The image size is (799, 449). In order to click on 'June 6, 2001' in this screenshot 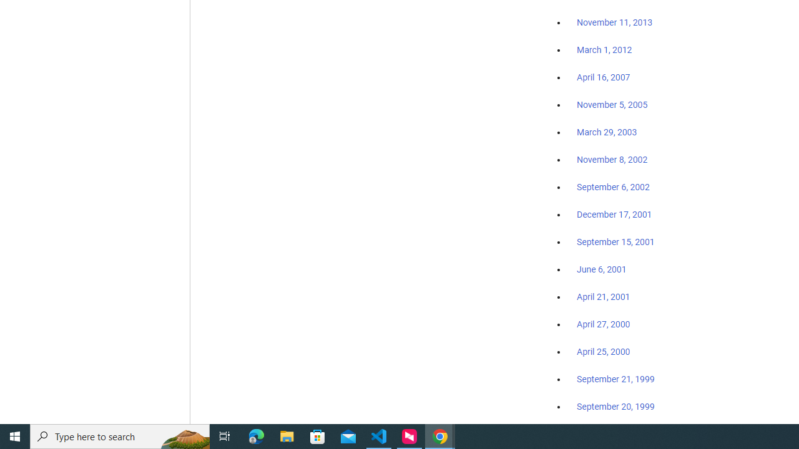, I will do `click(601, 269)`.